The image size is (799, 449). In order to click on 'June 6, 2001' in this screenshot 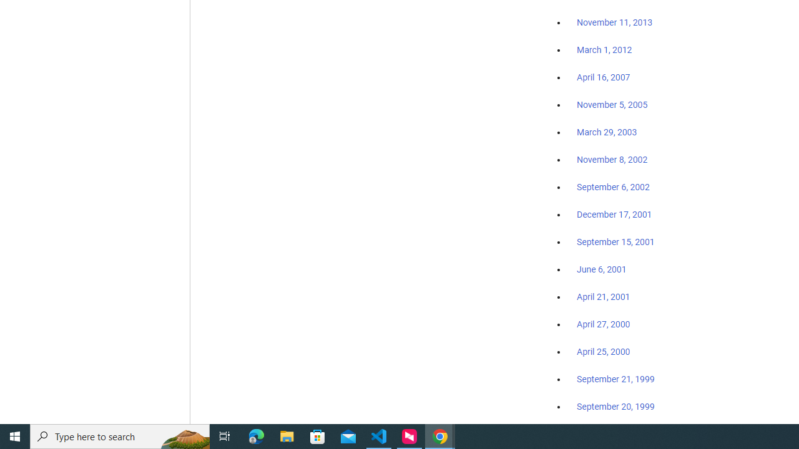, I will do `click(601, 269)`.